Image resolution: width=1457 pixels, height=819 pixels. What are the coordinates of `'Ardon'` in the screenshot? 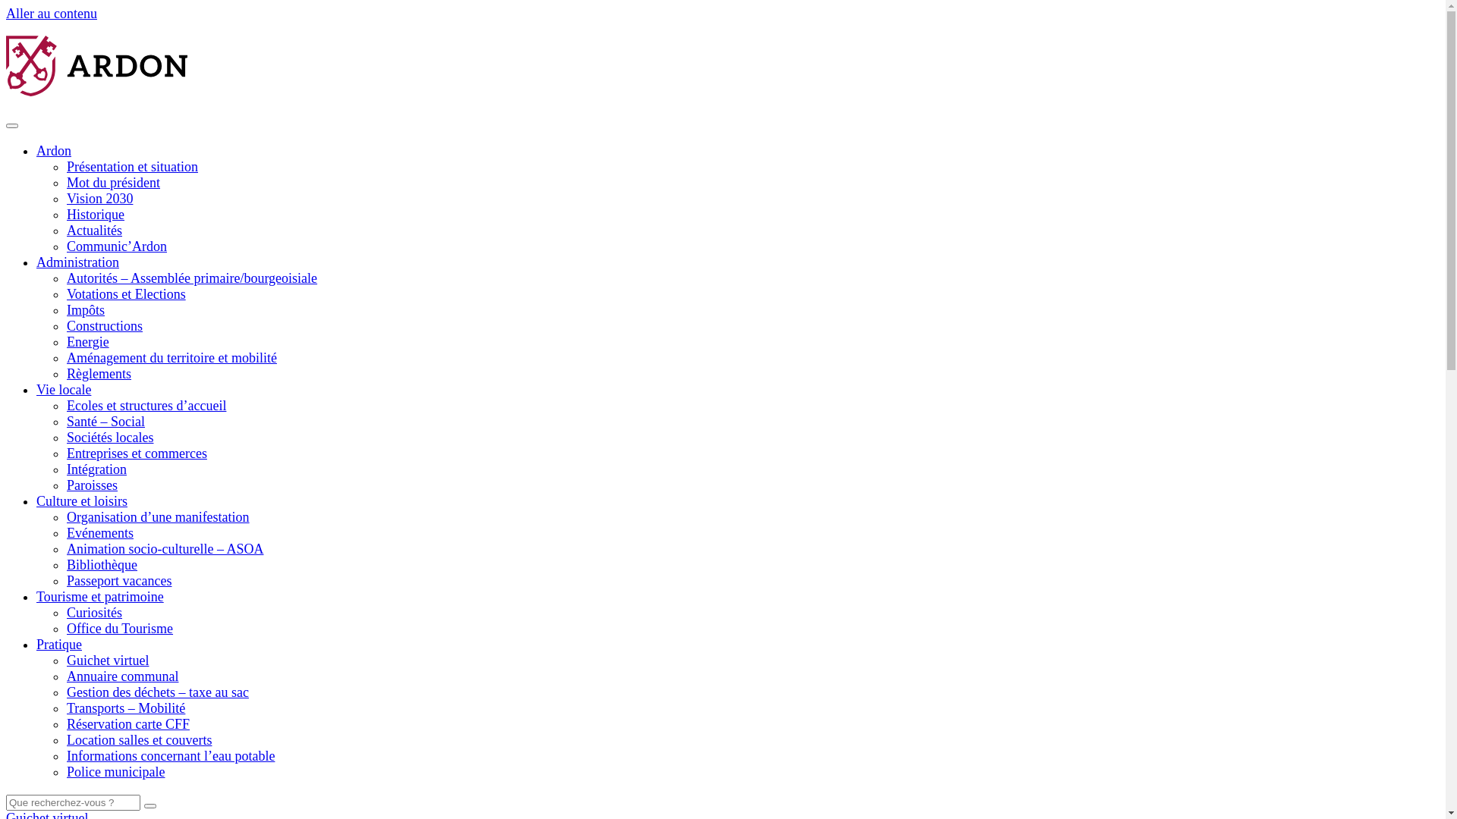 It's located at (54, 151).